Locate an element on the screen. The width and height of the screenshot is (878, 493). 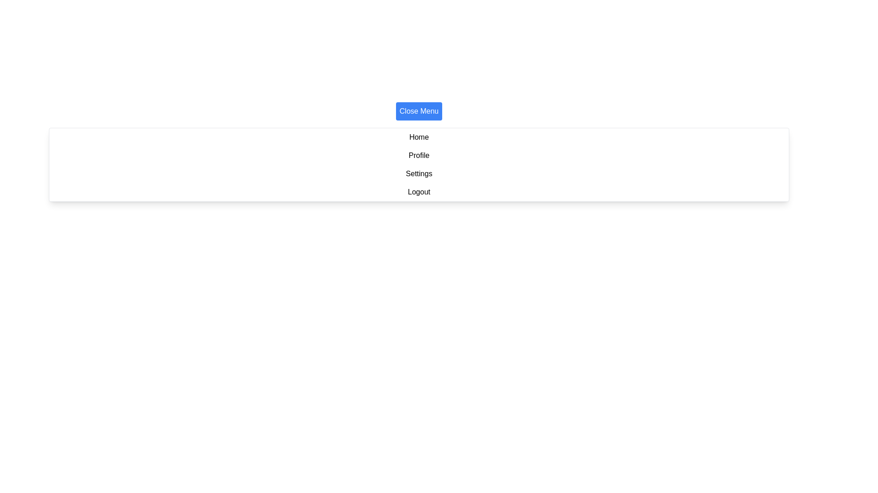
the 'Home' text element, which is the first item in a vertically stacked menu is located at coordinates (418, 137).